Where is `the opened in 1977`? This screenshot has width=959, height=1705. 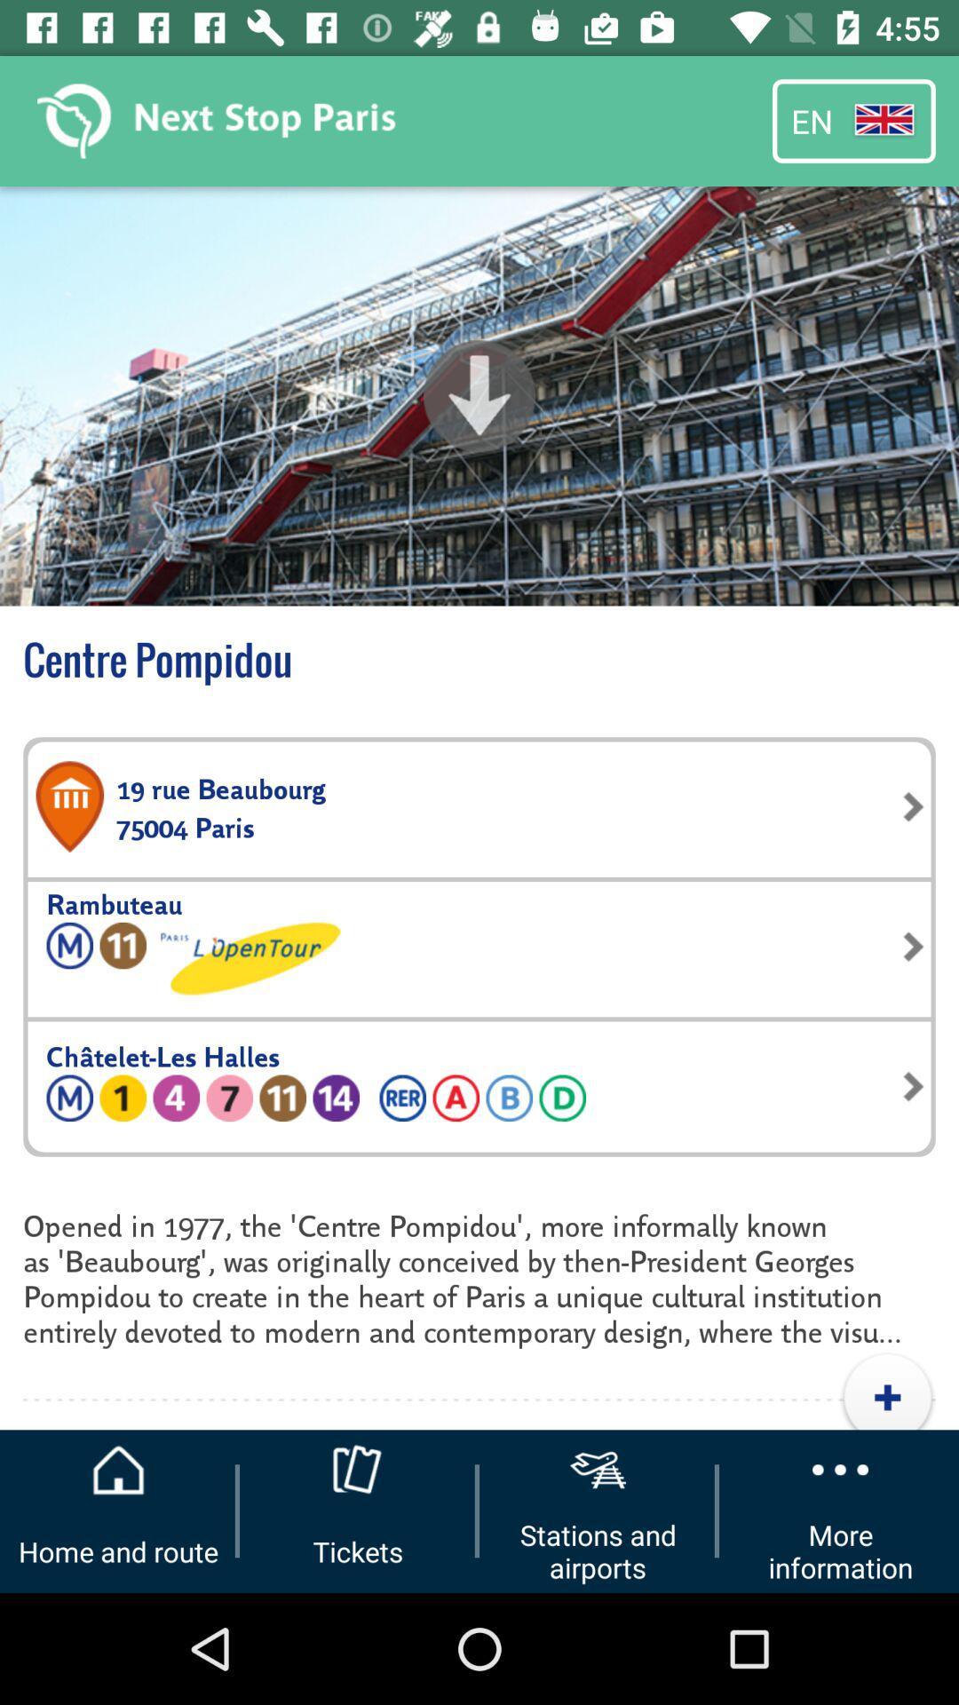 the opened in 1977 is located at coordinates (479, 1276).